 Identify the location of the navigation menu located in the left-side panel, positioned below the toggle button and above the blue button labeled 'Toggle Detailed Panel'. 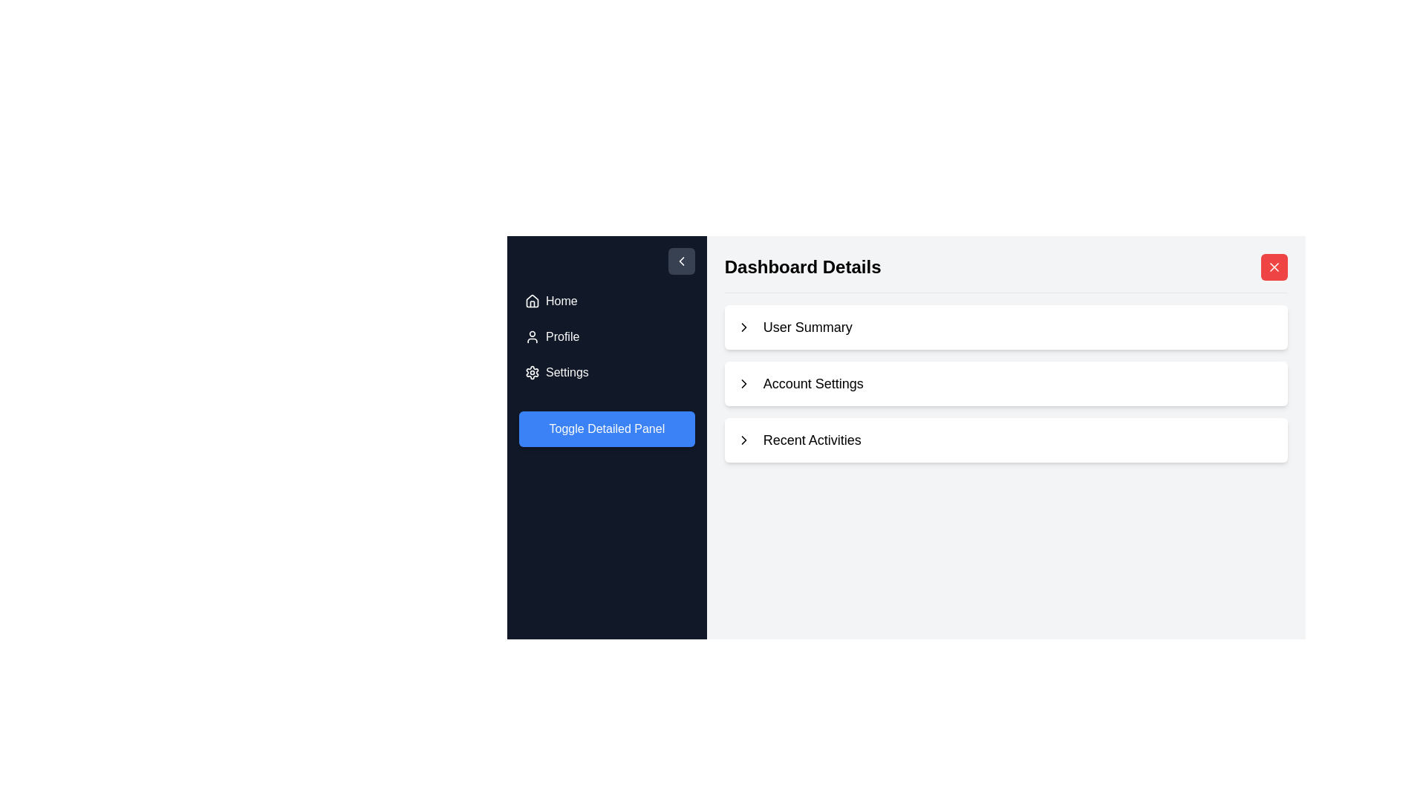
(607, 337).